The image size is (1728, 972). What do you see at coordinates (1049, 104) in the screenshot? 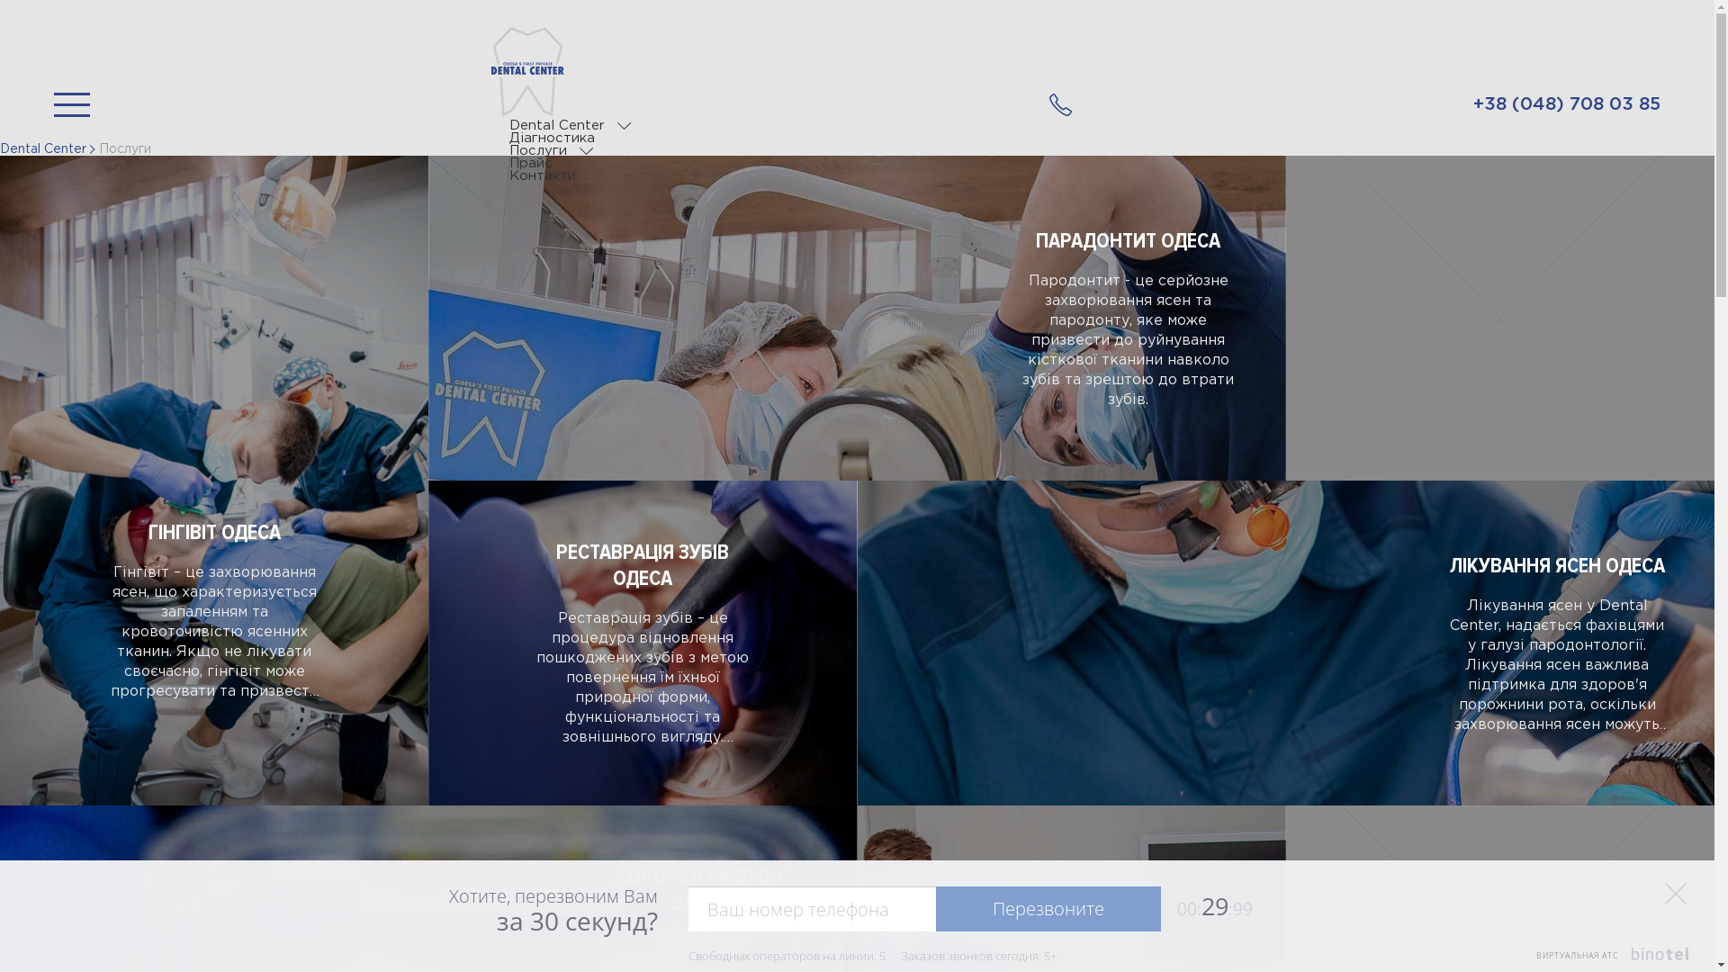
I see `'+38 (048) 708 03 85'` at bounding box center [1049, 104].